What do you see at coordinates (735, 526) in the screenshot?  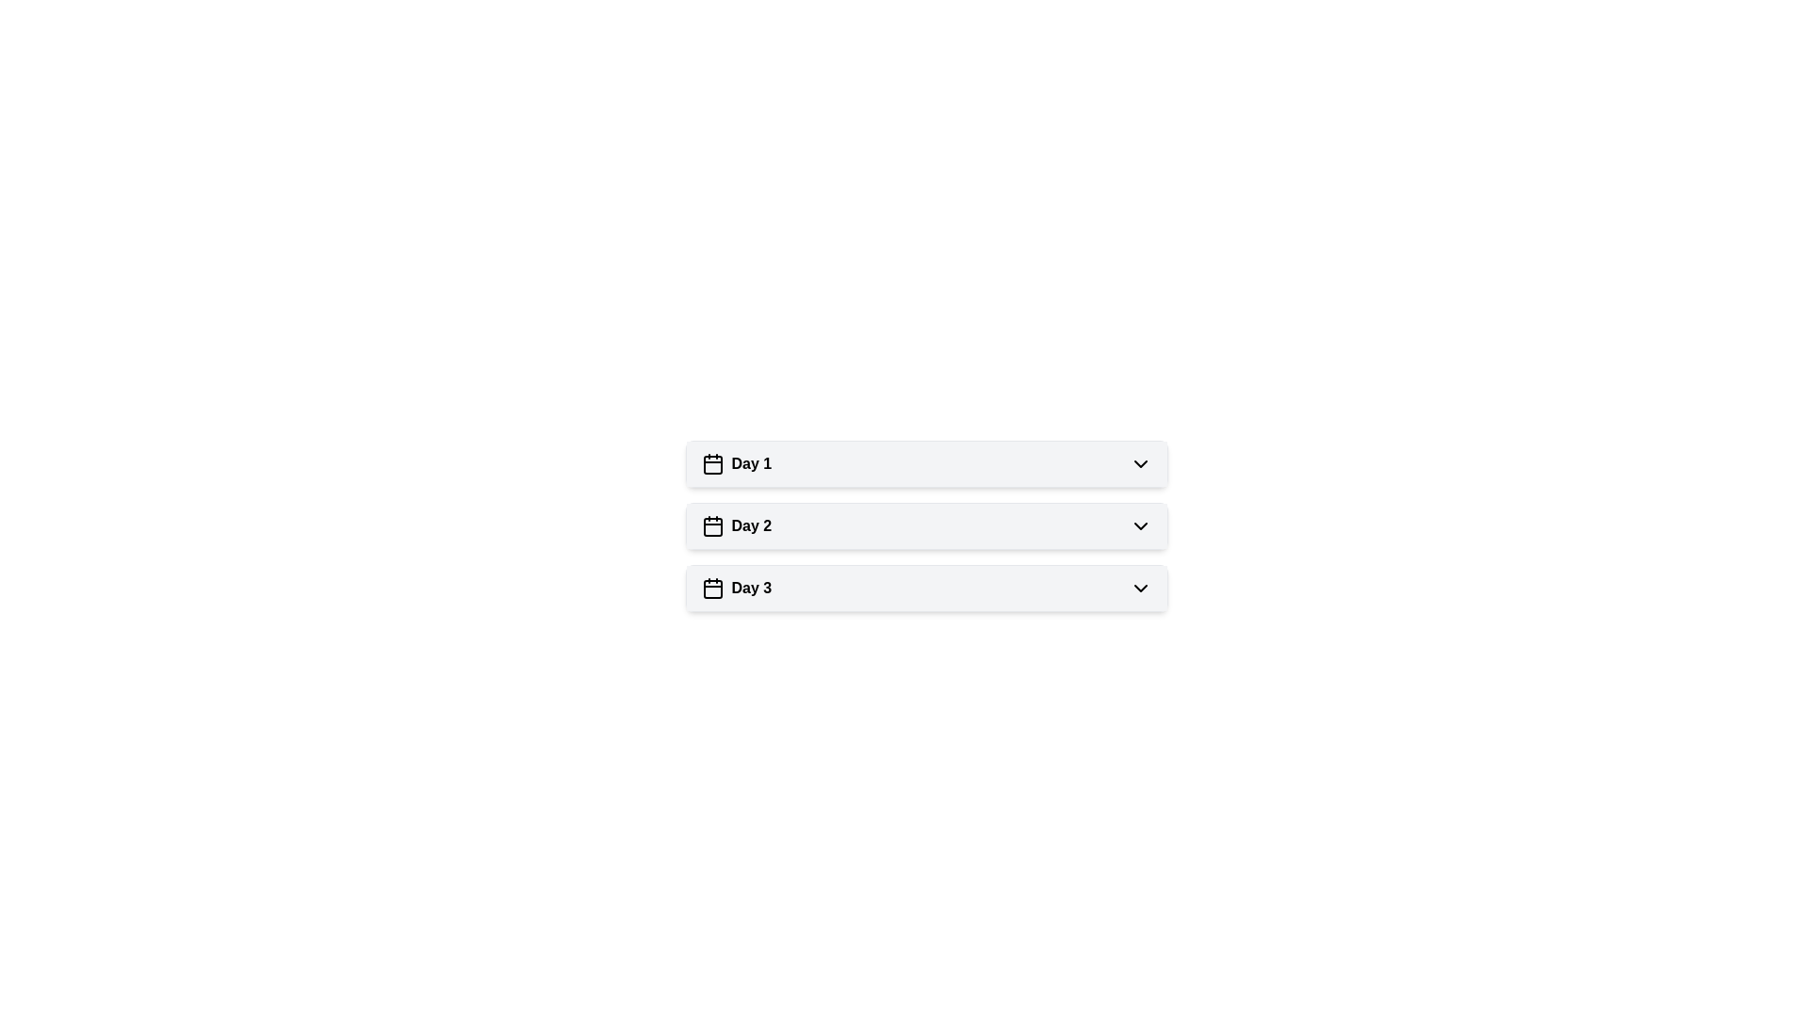 I see `the selectable item labeled 'Day 2'` at bounding box center [735, 526].